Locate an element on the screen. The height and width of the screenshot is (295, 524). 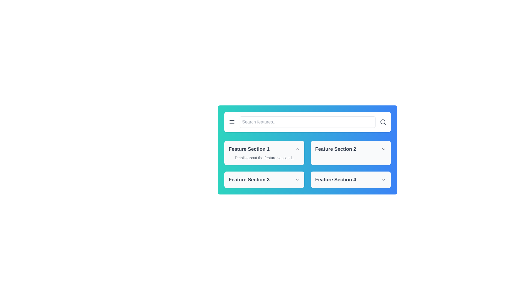
the Chevron Up icon located to the right of the title text in 'Feature Section 1' is located at coordinates (297, 149).